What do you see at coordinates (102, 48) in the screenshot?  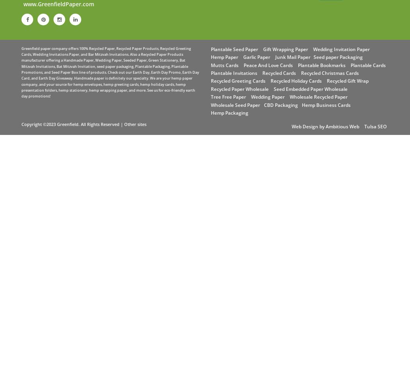 I see `'Recycled 
					Paper'` at bounding box center [102, 48].